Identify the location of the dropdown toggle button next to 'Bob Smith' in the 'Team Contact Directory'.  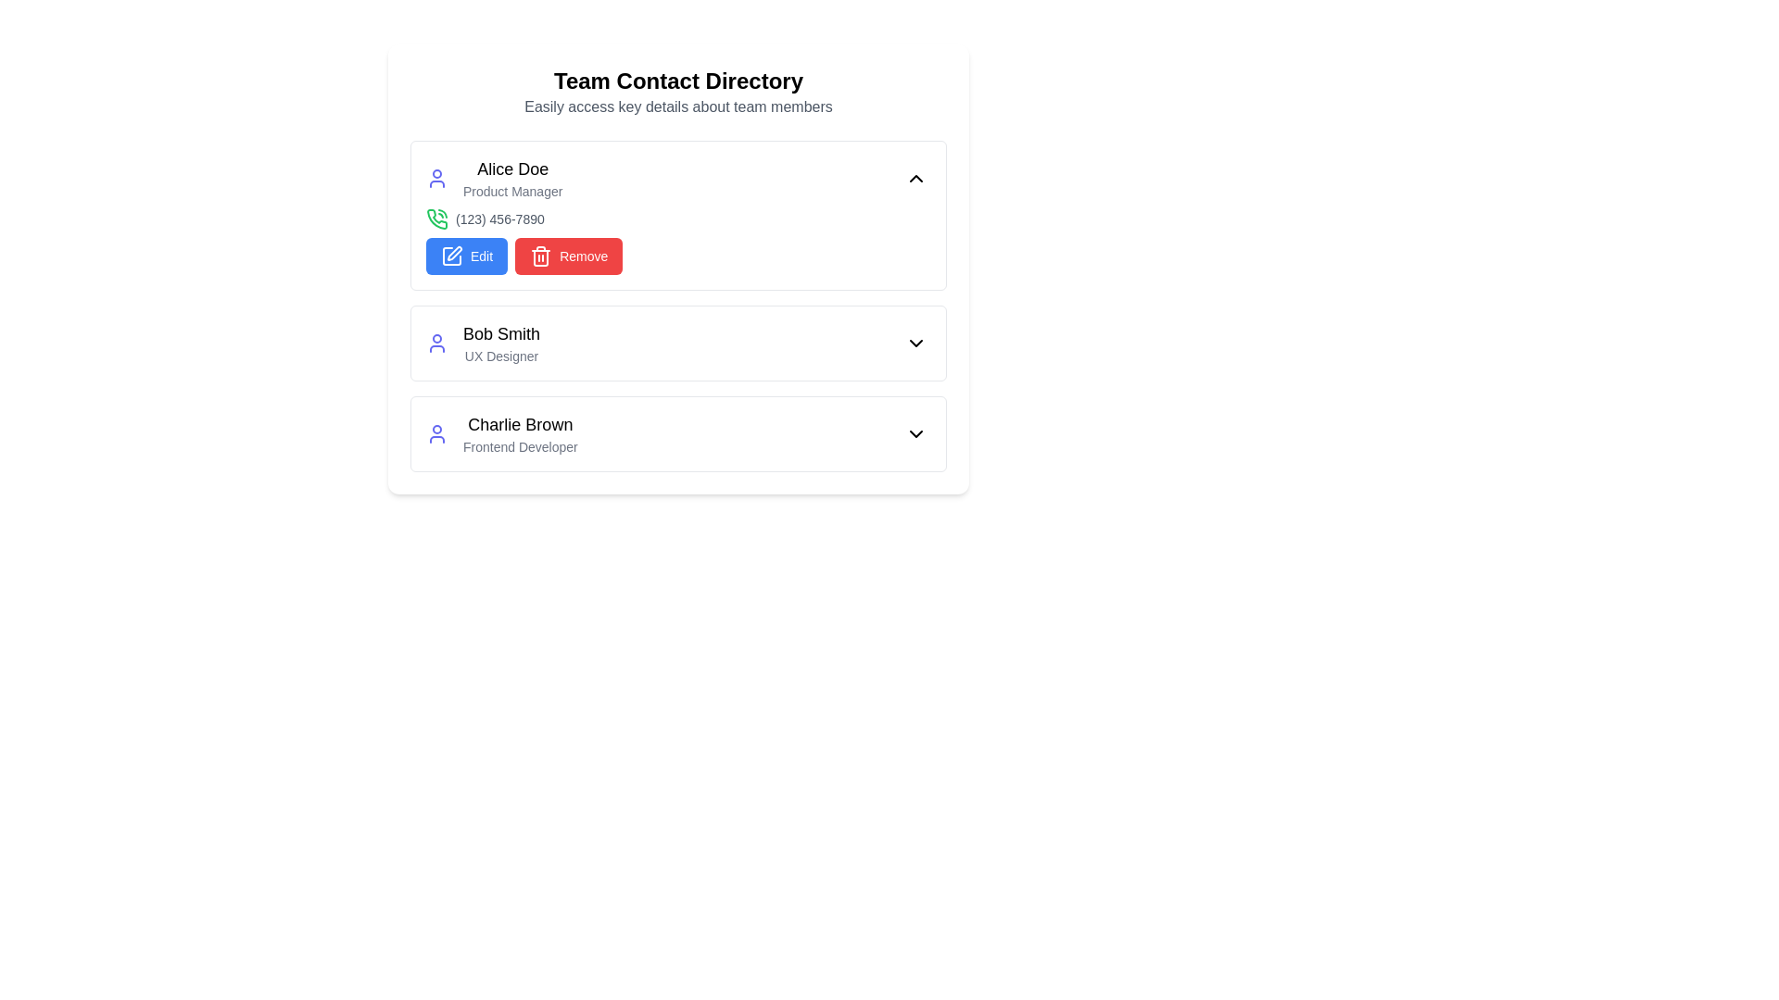
(915, 343).